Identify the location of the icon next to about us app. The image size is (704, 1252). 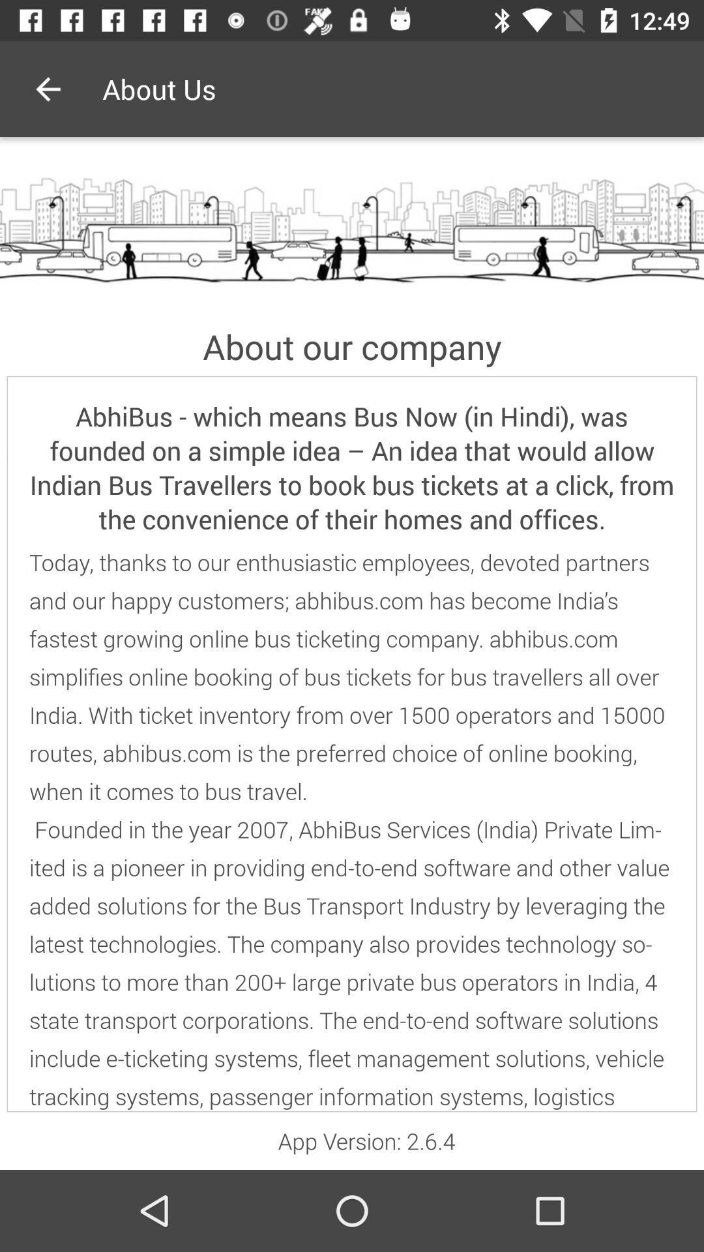
(47, 88).